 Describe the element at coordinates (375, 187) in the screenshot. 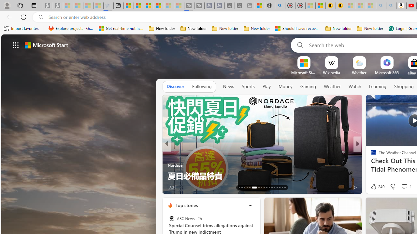

I see `'117 Like'` at that location.